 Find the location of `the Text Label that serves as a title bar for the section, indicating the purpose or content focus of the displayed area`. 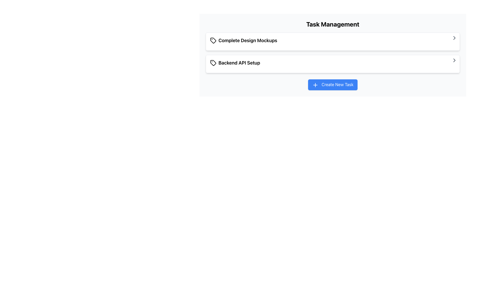

the Text Label that serves as a title bar for the section, indicating the purpose or content focus of the displayed area is located at coordinates (332, 24).